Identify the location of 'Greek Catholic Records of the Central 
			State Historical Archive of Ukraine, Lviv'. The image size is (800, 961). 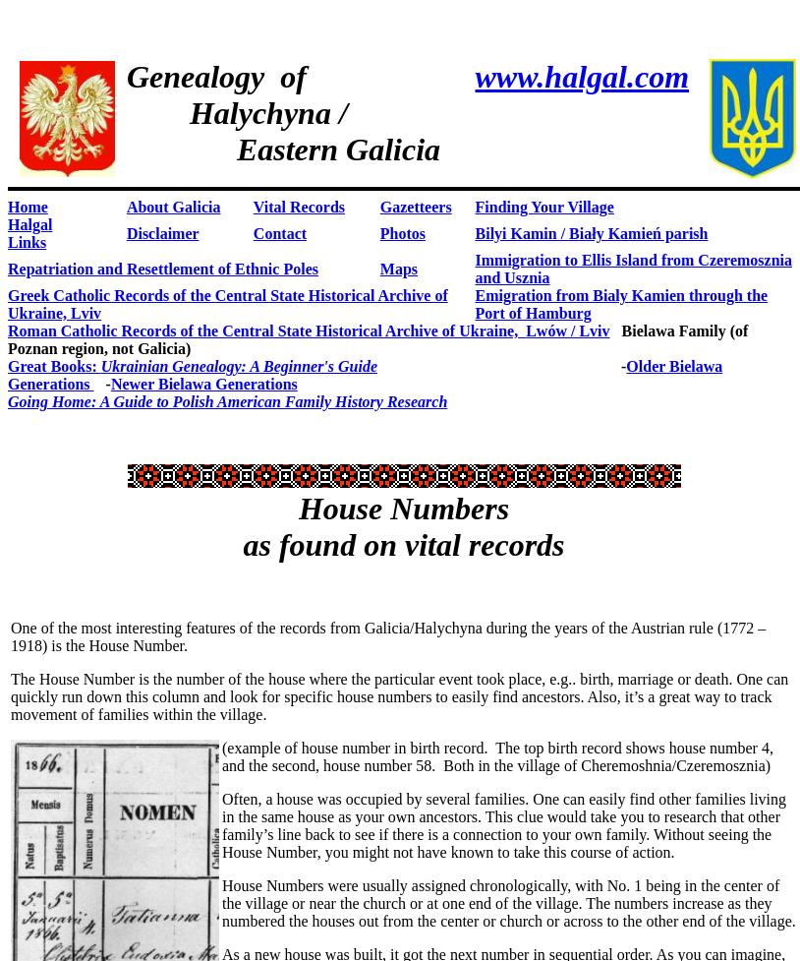
(227, 303).